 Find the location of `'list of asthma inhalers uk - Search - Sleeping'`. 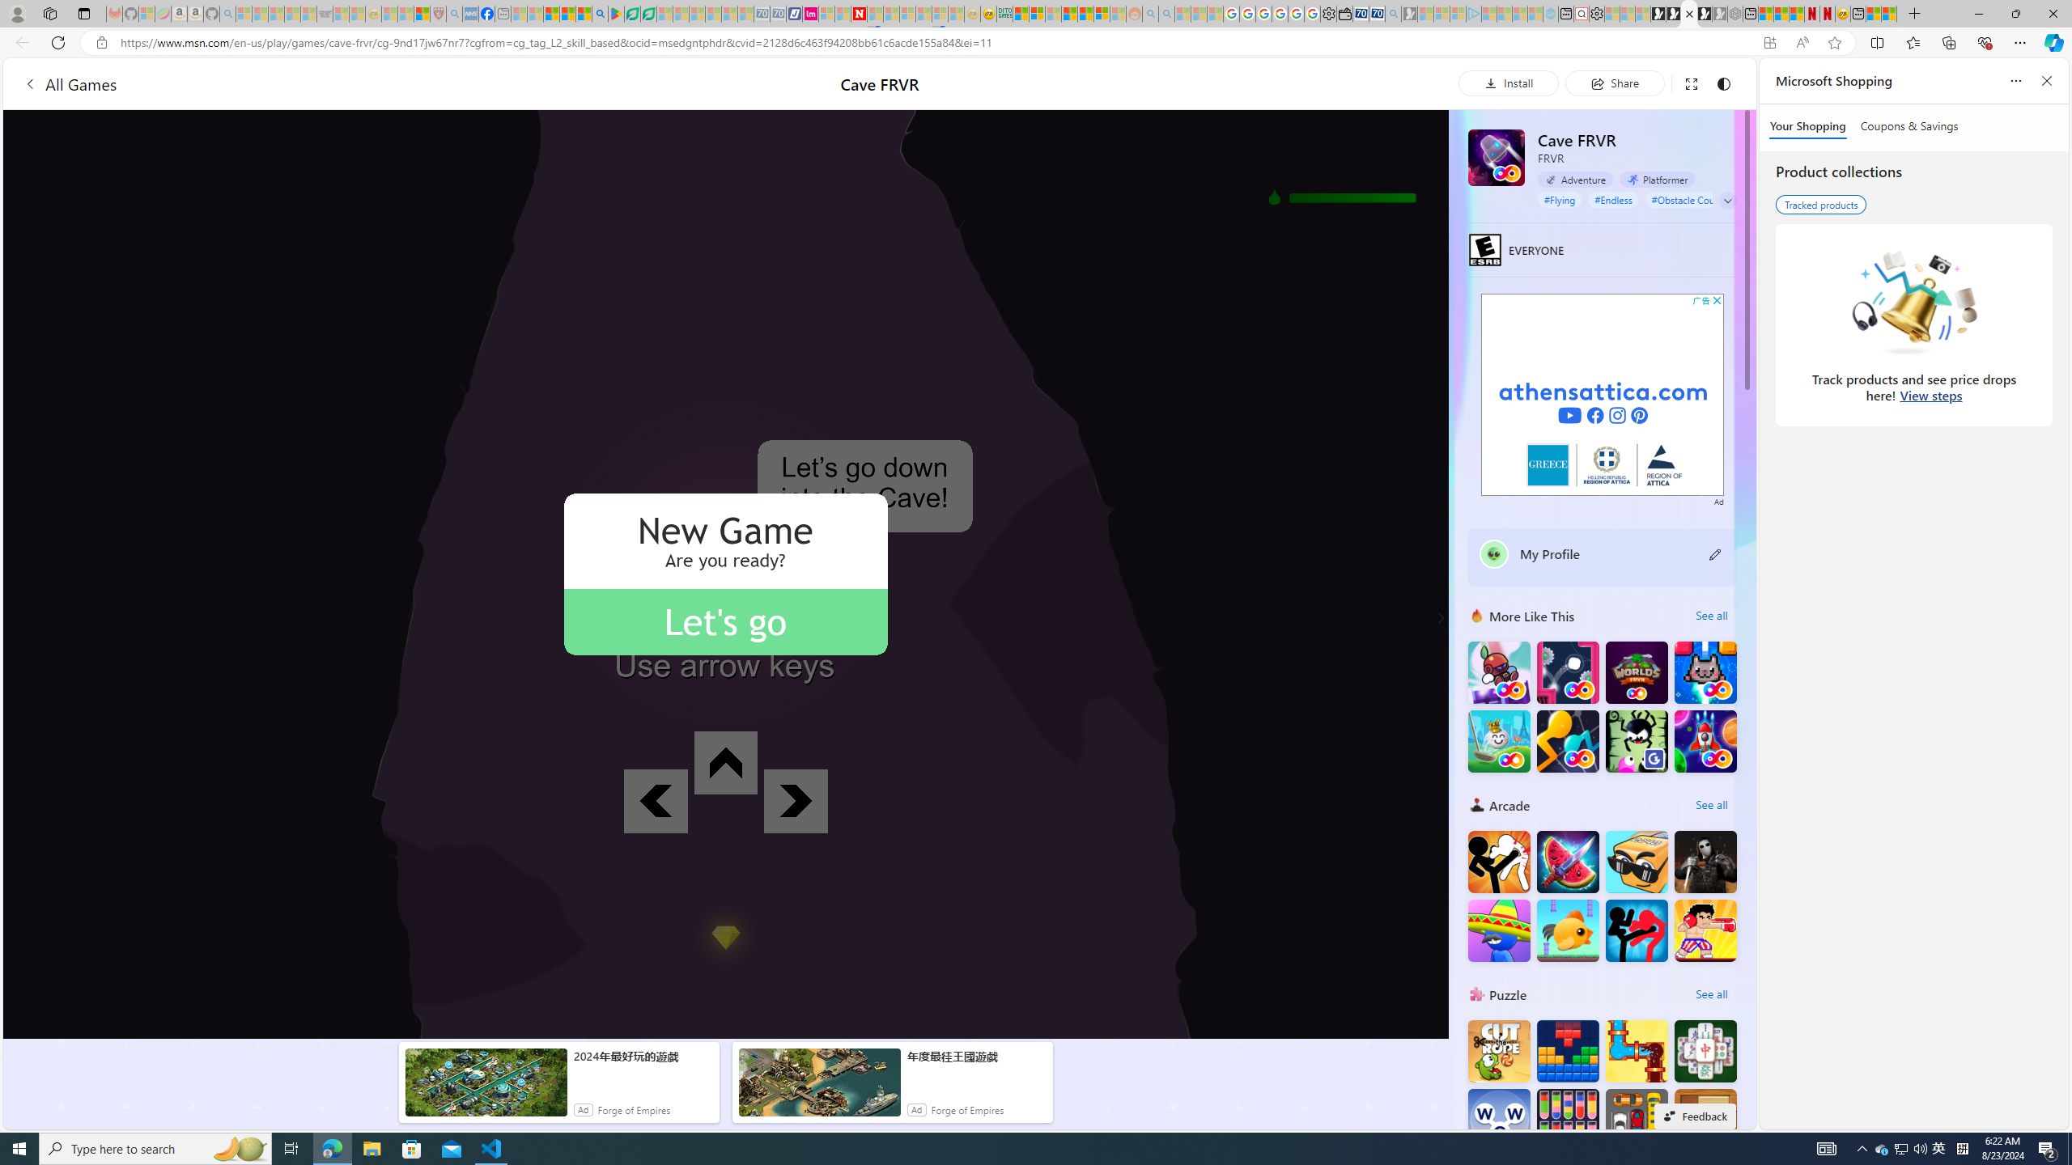

'list of asthma inhalers uk - Search - Sleeping' is located at coordinates (453, 13).